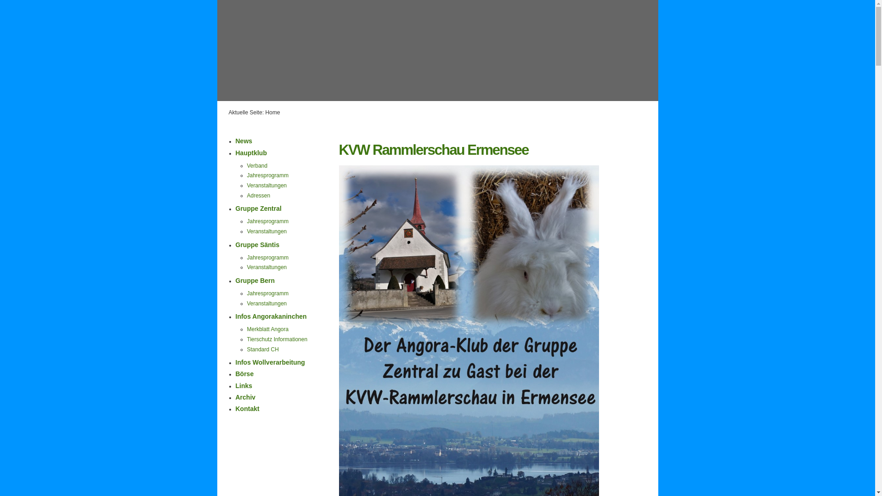 Image resolution: width=882 pixels, height=496 pixels. I want to click on 'Veranstaltungen', so click(266, 267).